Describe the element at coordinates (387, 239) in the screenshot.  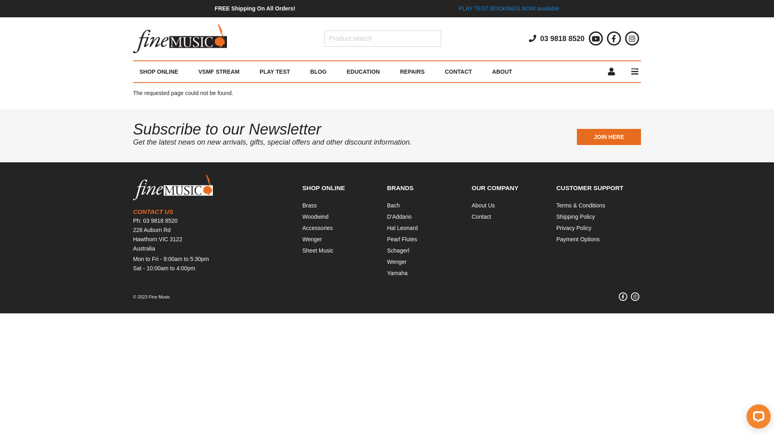
I see `'Pearl Flutes'` at that location.